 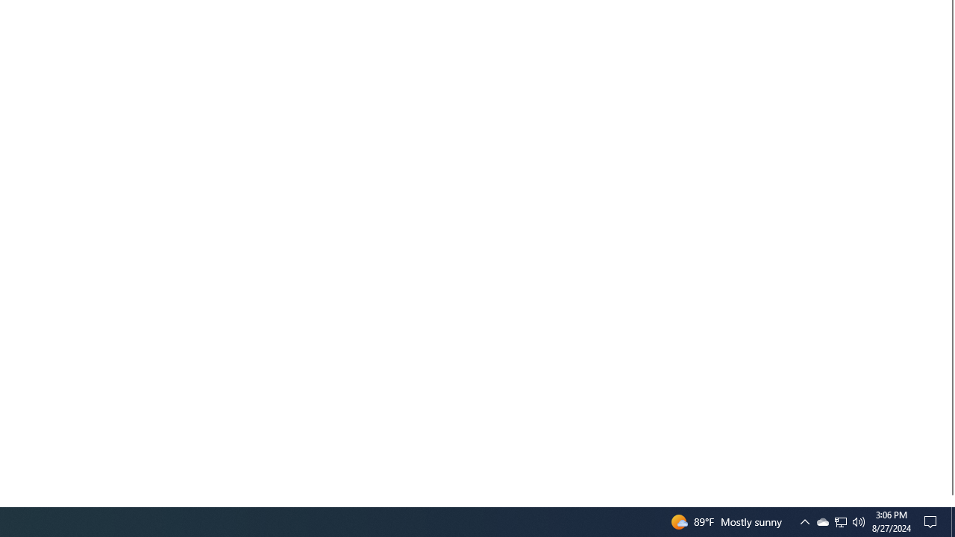 What do you see at coordinates (948, 500) in the screenshot?
I see `'Vertical Small Increase'` at bounding box center [948, 500].